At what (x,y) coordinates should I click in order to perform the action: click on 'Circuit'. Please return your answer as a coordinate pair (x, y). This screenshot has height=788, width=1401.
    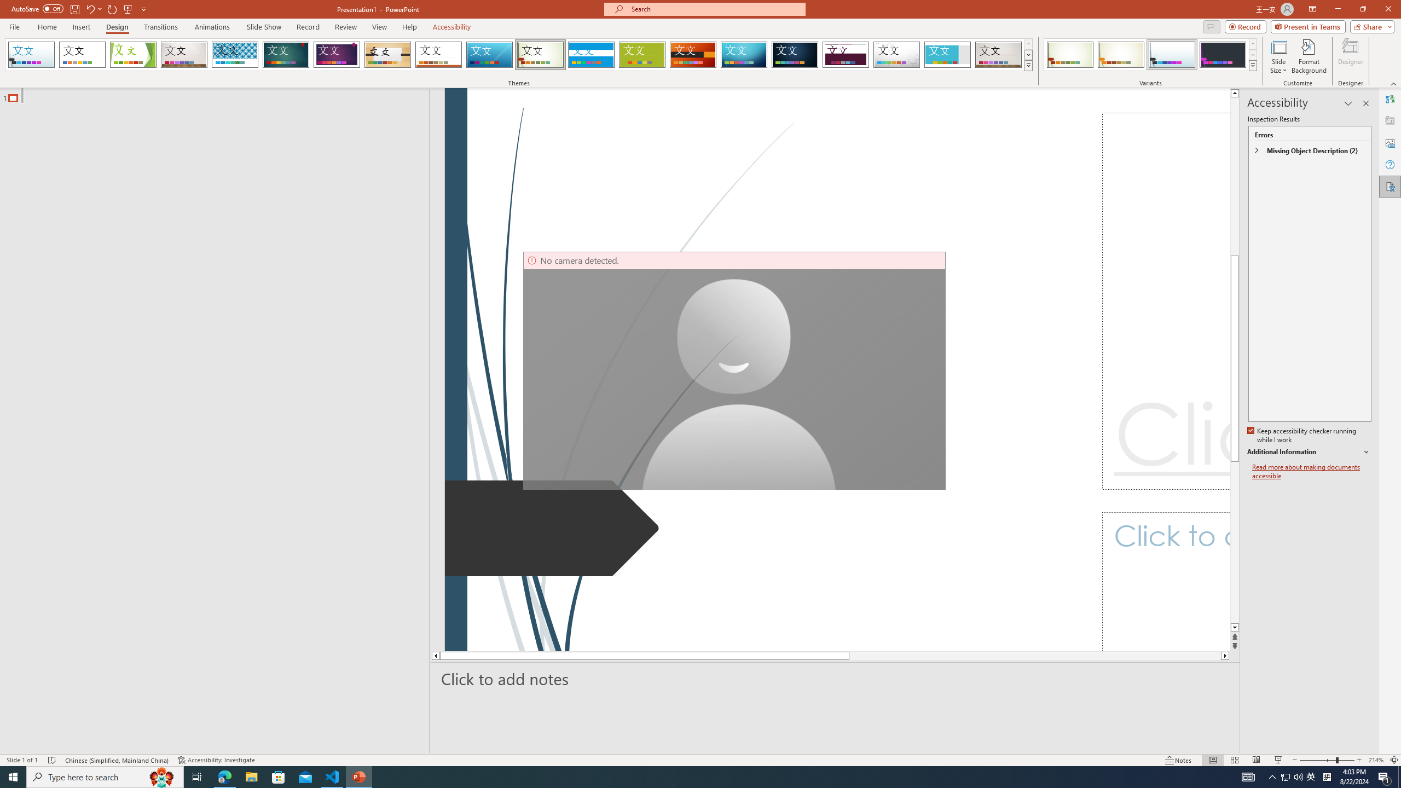
    Looking at the image, I should click on (743, 54).